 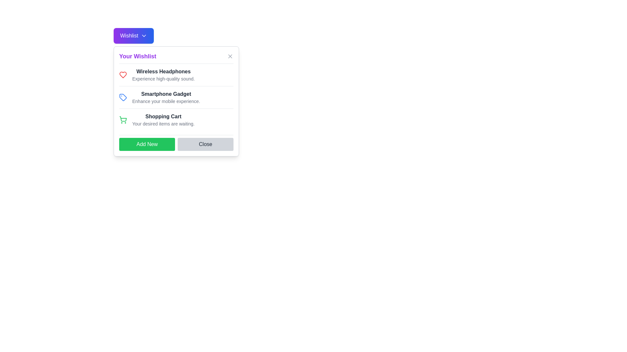 I want to click on the close button icon represented by an 'X' in light gray color located at the top-right corner of the popup window, aligned with the title 'Your Wishlist', so click(x=230, y=56).